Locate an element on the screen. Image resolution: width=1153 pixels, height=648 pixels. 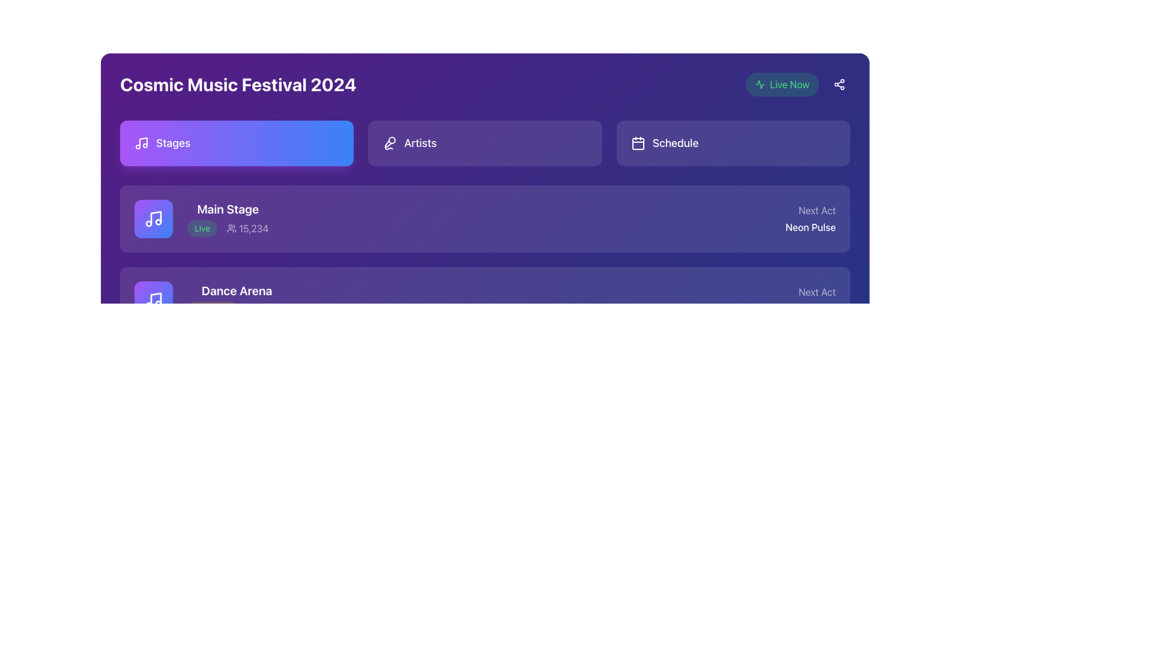
the 'Main Stage' icon located to the left of the text 'Main Stage' is located at coordinates (153, 219).